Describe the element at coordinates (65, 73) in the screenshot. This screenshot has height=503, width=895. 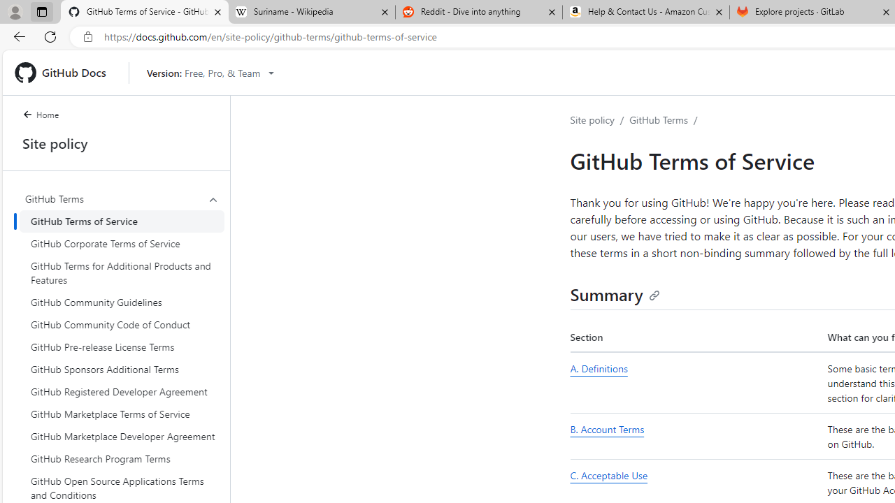
I see `'GitHub Docs'` at that location.